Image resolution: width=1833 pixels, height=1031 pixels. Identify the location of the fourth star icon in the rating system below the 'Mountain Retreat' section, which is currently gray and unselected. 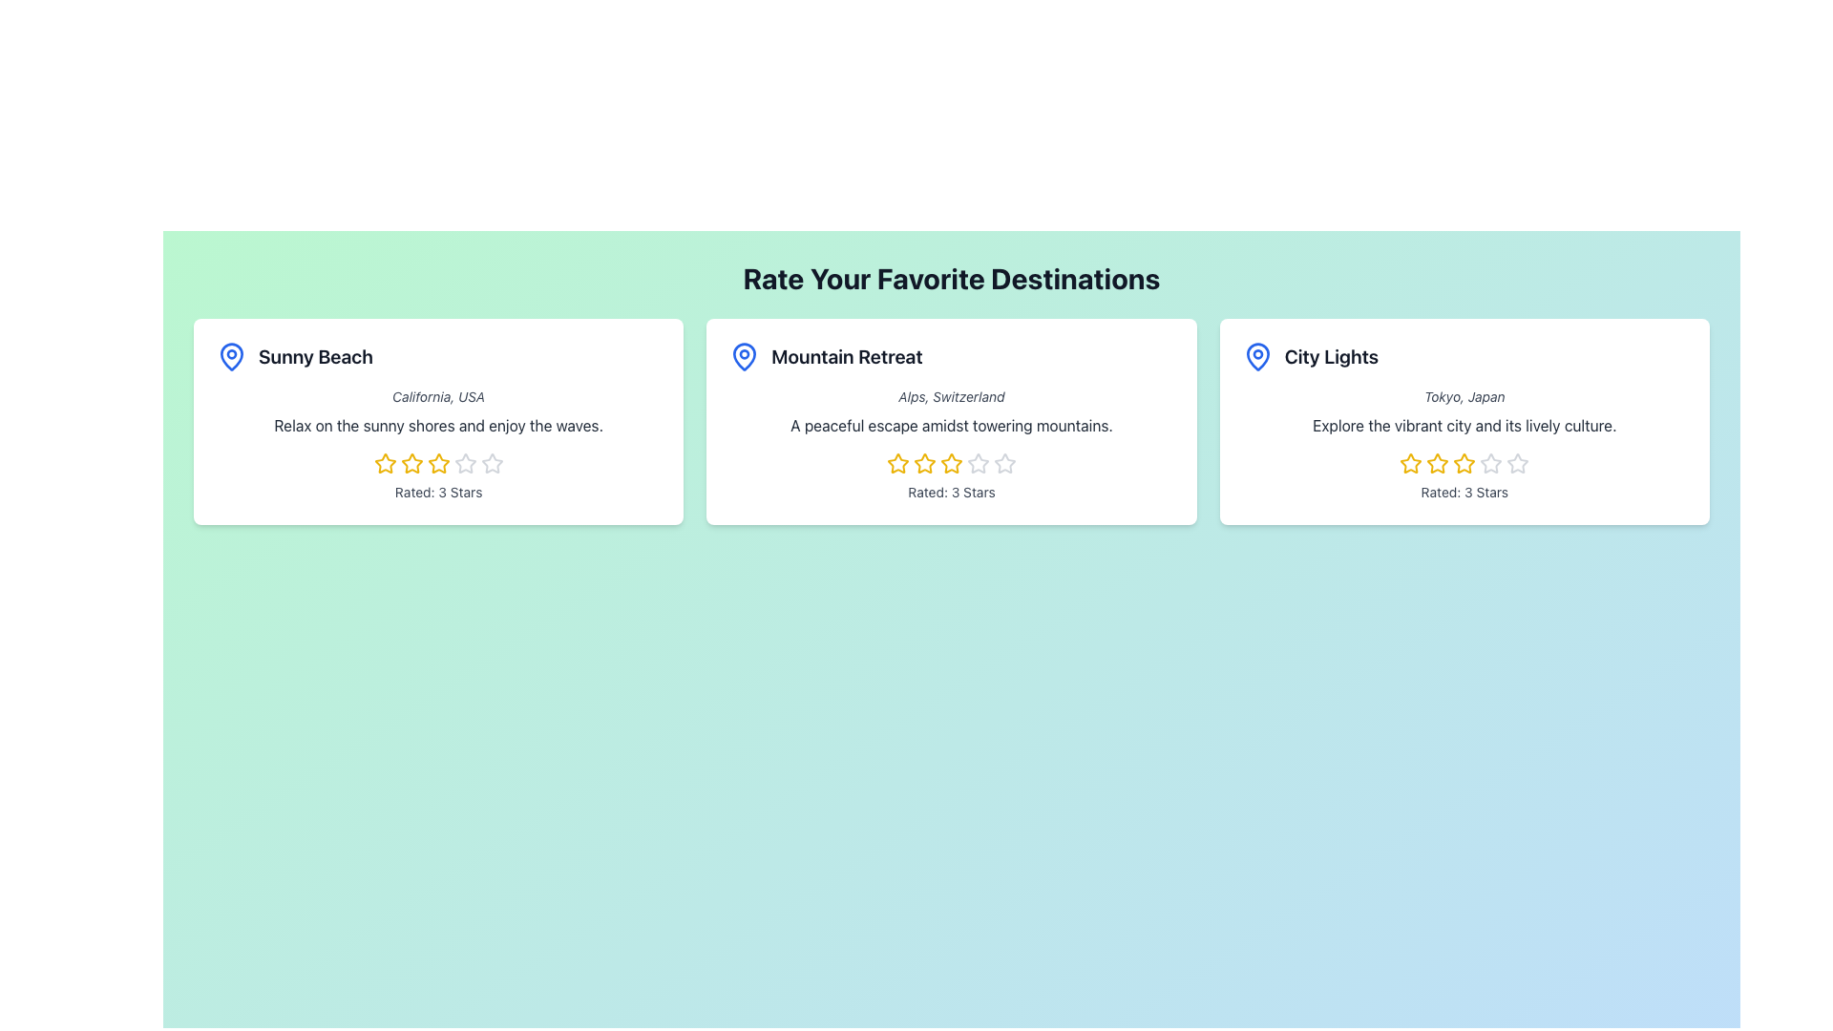
(978, 464).